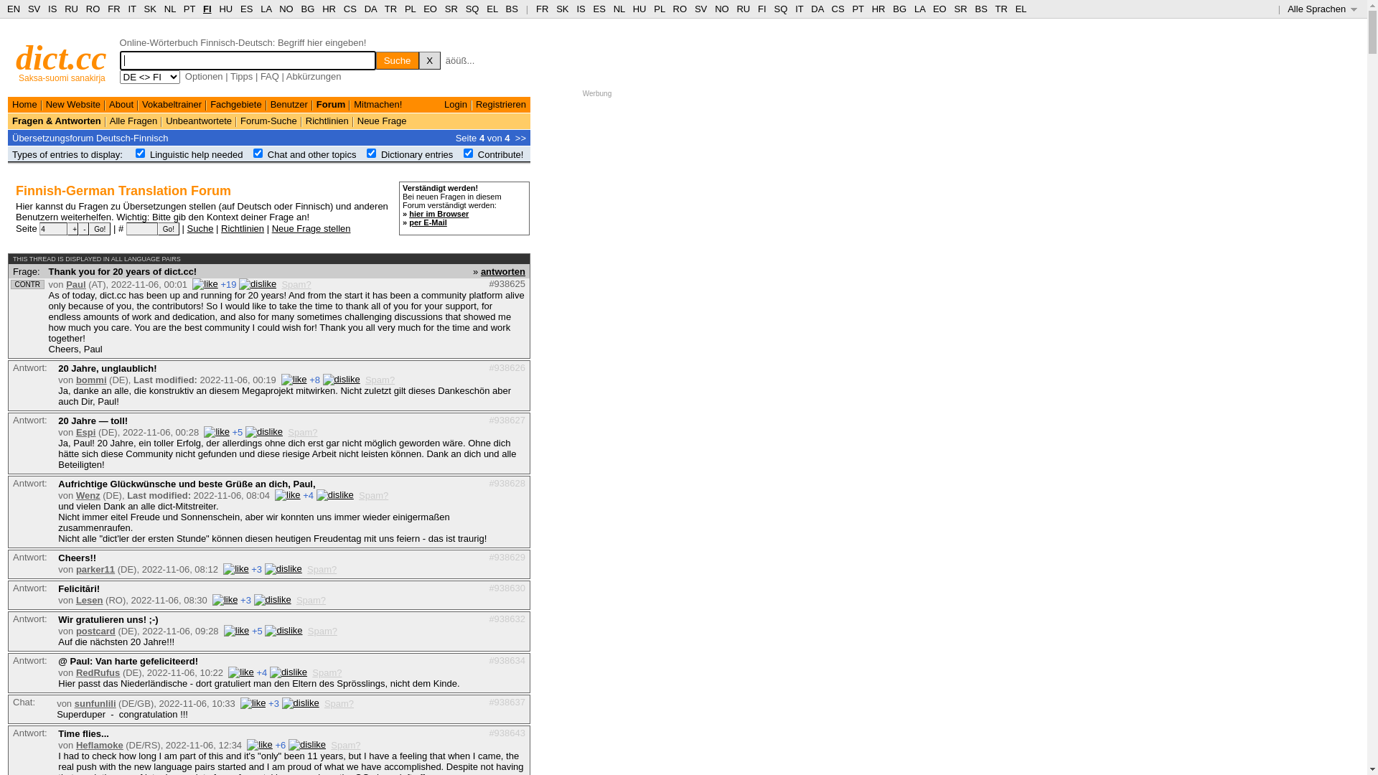 The width and height of the screenshot is (1378, 775). I want to click on 'parker11', so click(95, 568).